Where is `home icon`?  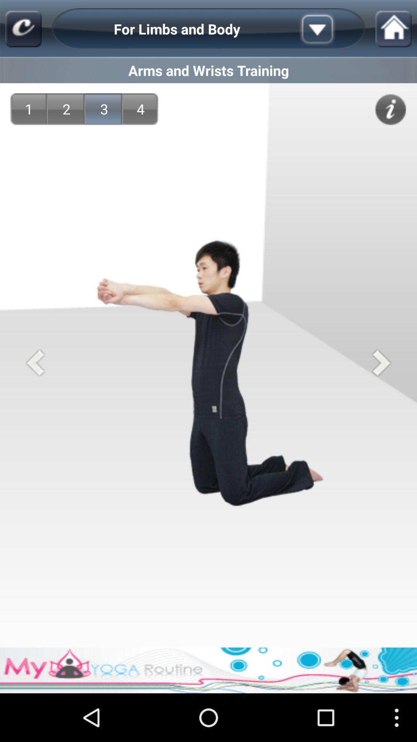
home icon is located at coordinates (393, 29).